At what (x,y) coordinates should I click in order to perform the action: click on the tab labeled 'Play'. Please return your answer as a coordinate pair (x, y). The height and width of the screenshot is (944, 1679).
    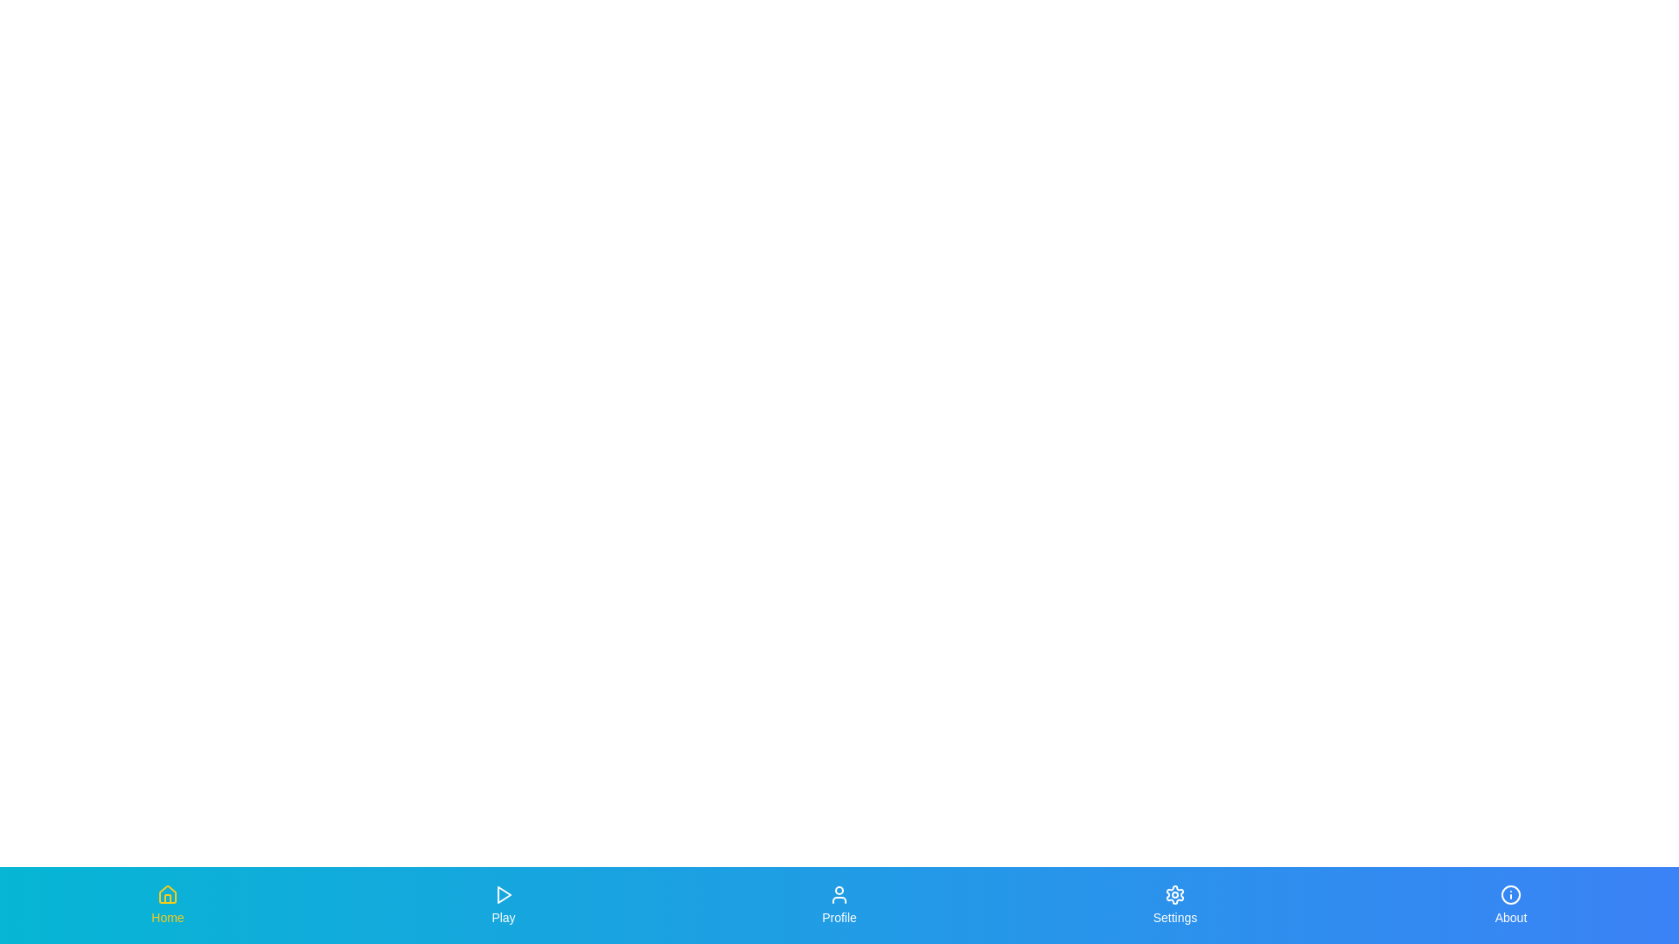
    Looking at the image, I should click on (503, 905).